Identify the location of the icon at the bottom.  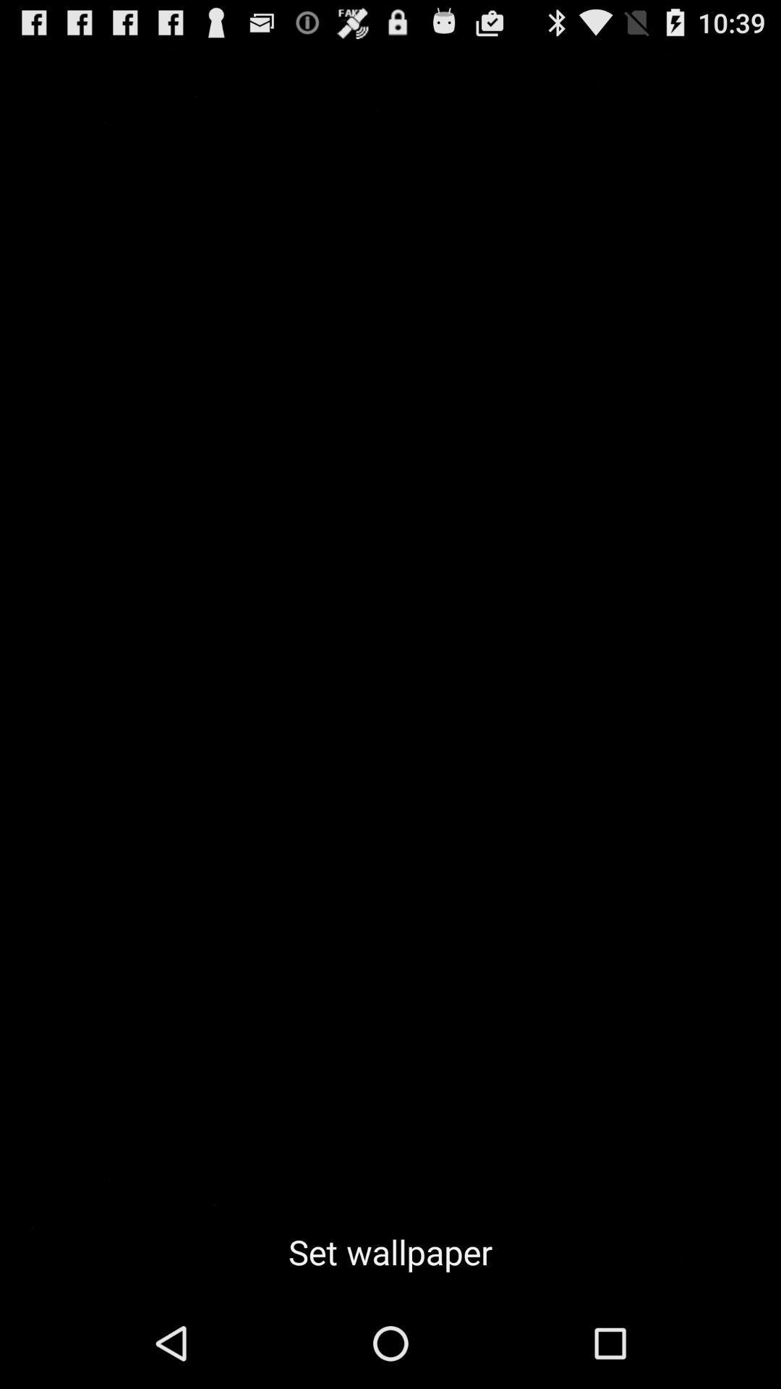
(390, 1252).